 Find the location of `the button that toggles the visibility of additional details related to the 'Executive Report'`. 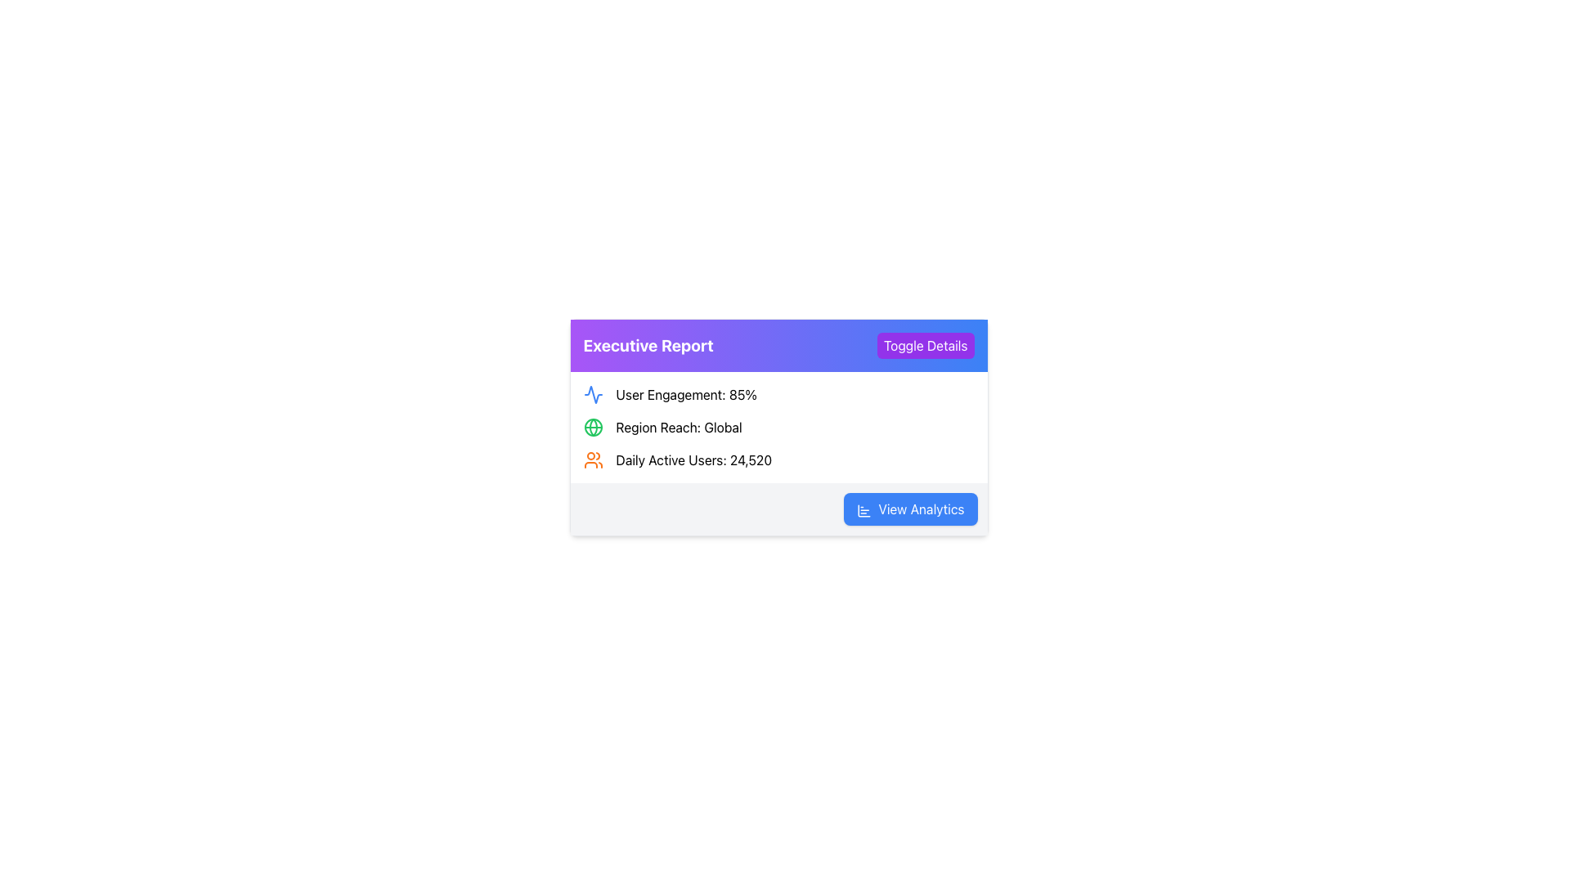

the button that toggles the visibility of additional details related to the 'Executive Report' is located at coordinates (926, 345).